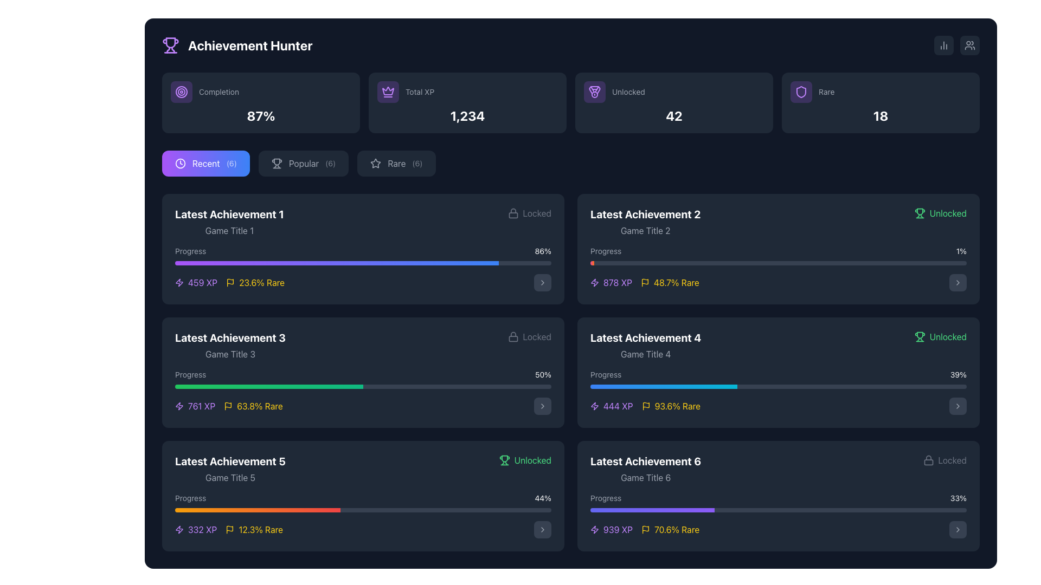  I want to click on the label displaying 'Total XP', which is styled in a small, light gray font and located to the right of a purple crown icon in the top row of the layout, so click(419, 91).